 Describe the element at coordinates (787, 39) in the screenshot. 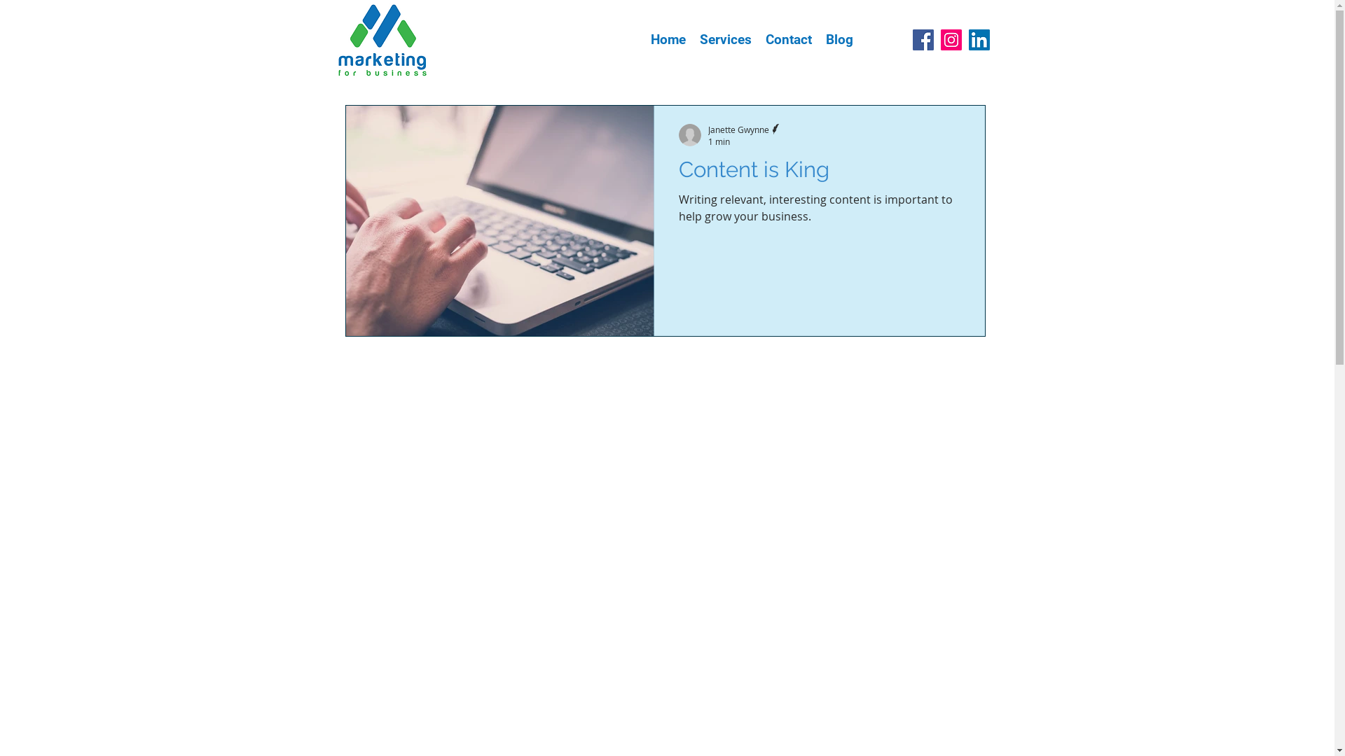

I see `'Contact'` at that location.